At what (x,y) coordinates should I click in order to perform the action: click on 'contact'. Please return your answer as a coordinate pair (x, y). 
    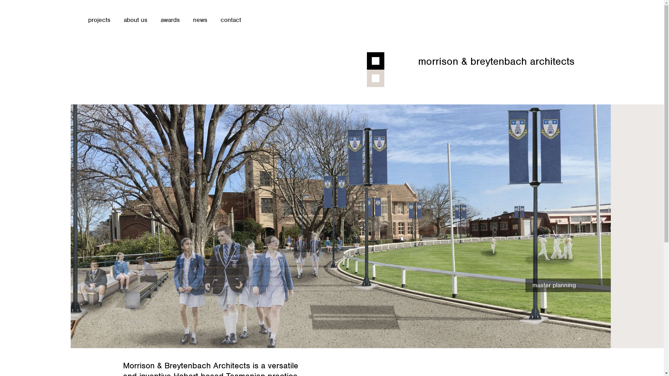
    Looking at the image, I should click on (230, 19).